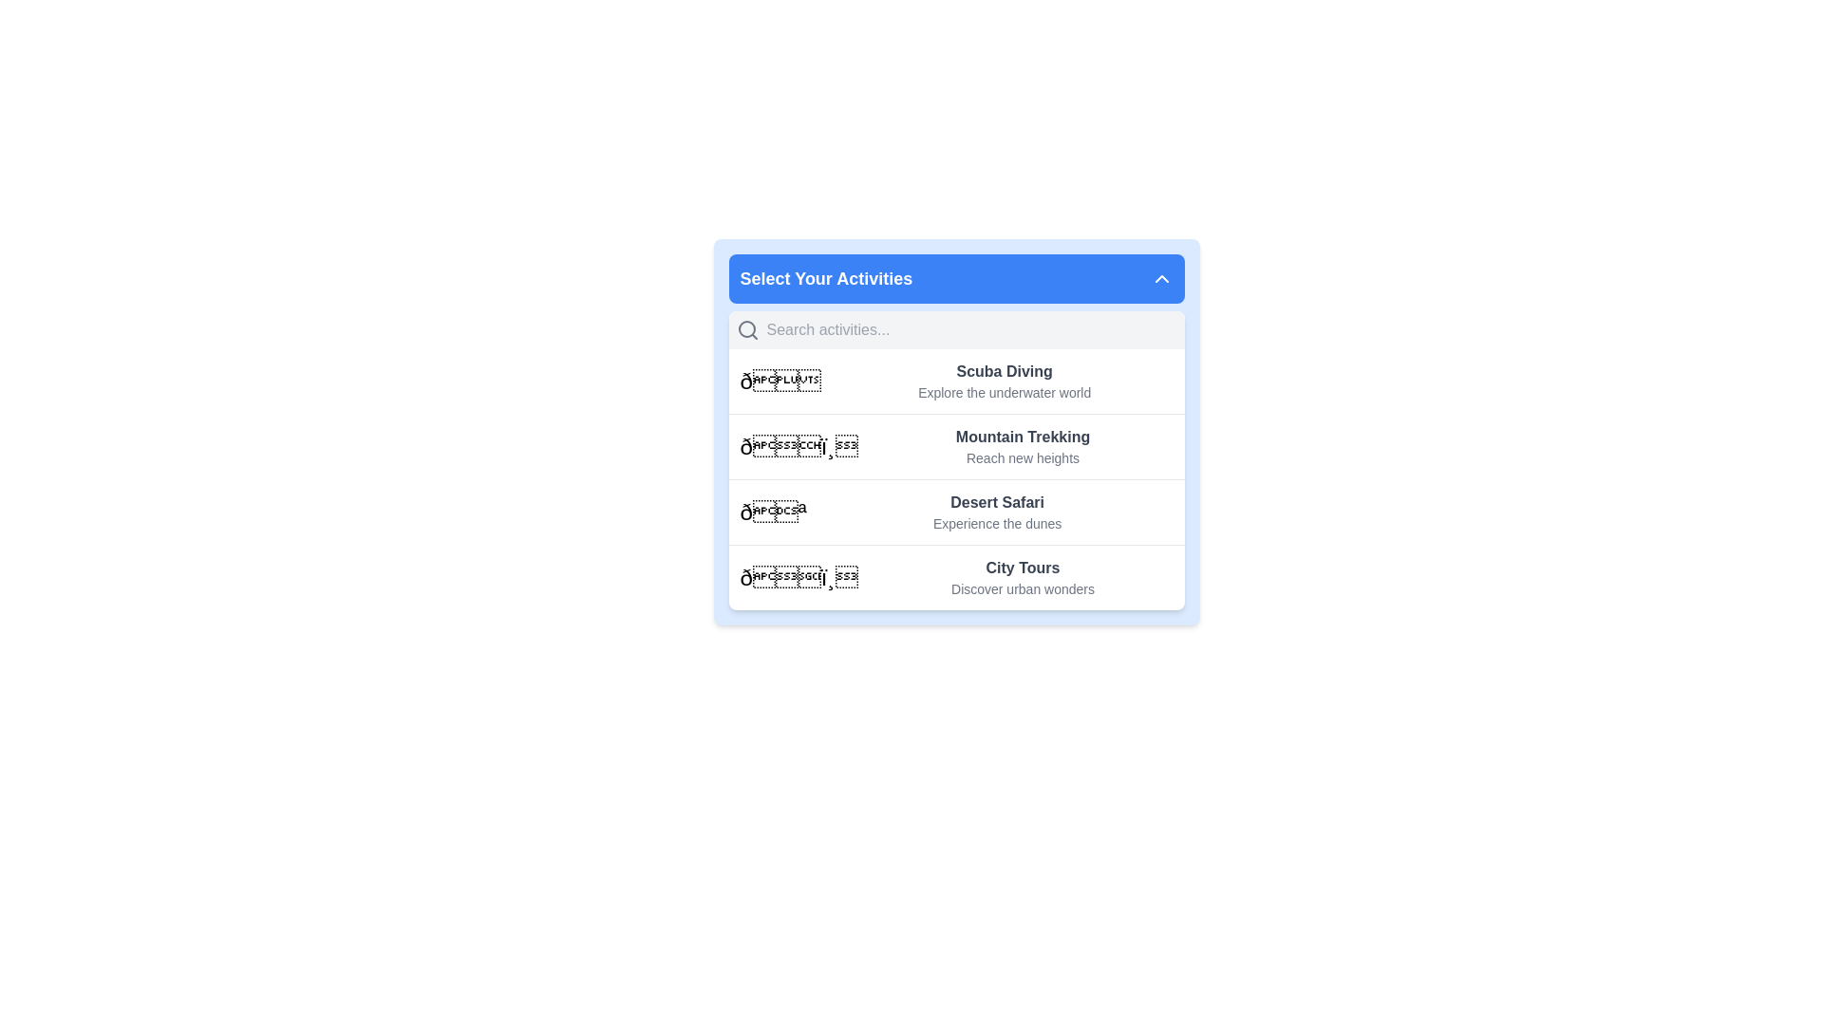  What do you see at coordinates (826, 278) in the screenshot?
I see `the static text label that serves as a title for the dropdown menu, located inside a blue box towards the left side` at bounding box center [826, 278].